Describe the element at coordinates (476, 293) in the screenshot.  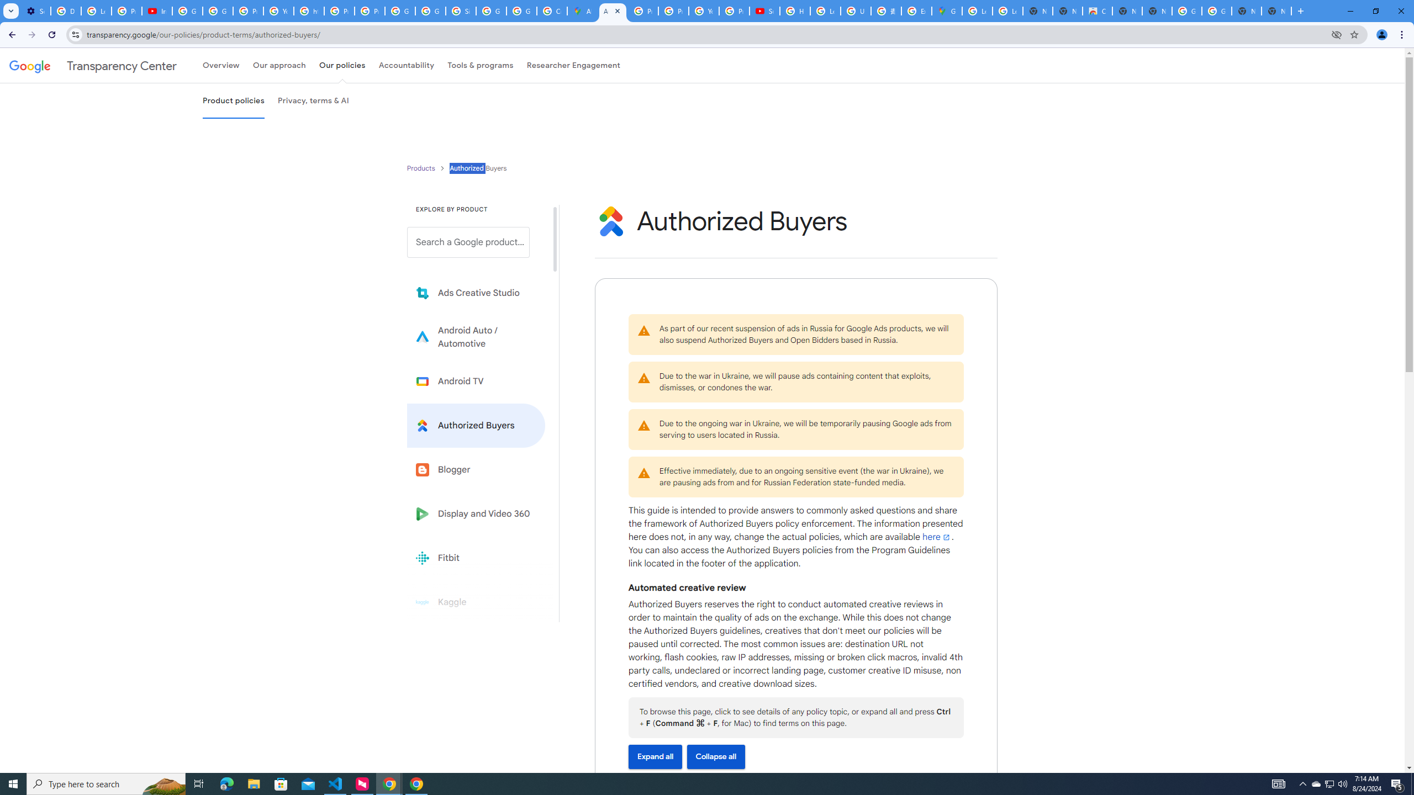
I see `'Learn more about Ads Creative Studio'` at that location.